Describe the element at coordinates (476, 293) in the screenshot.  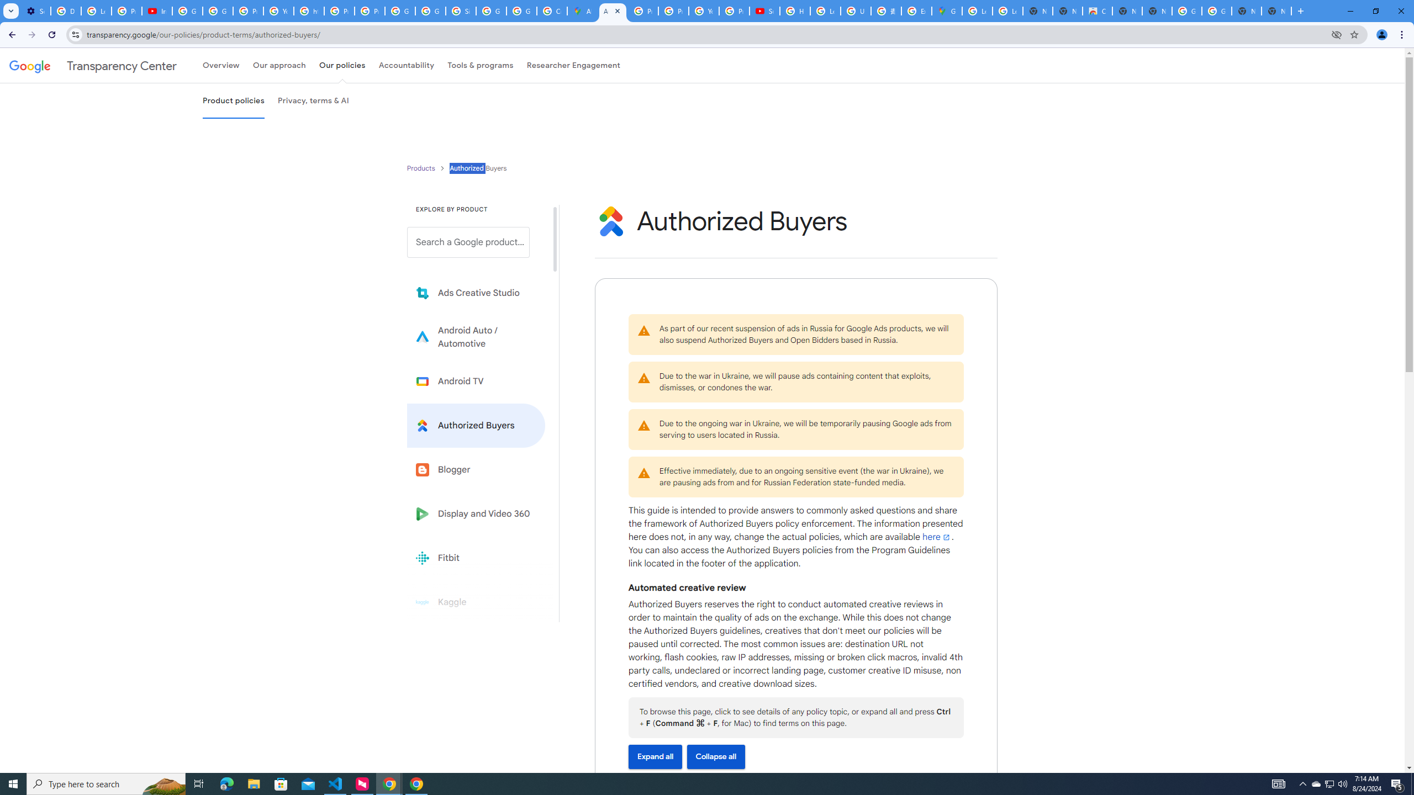
I see `'Learn more about Ads Creative Studio'` at that location.